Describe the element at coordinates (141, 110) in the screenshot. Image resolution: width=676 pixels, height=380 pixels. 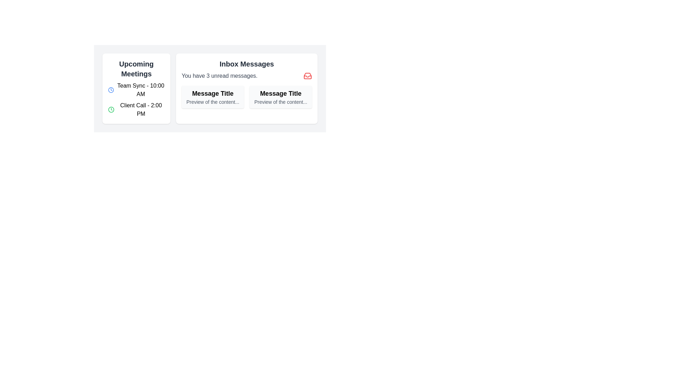
I see `the text label displaying 'Client Call - 2:00 PM', which is styled with a white background and positioned below the green clock icon in the 'Upcoming Meetings' section` at that location.